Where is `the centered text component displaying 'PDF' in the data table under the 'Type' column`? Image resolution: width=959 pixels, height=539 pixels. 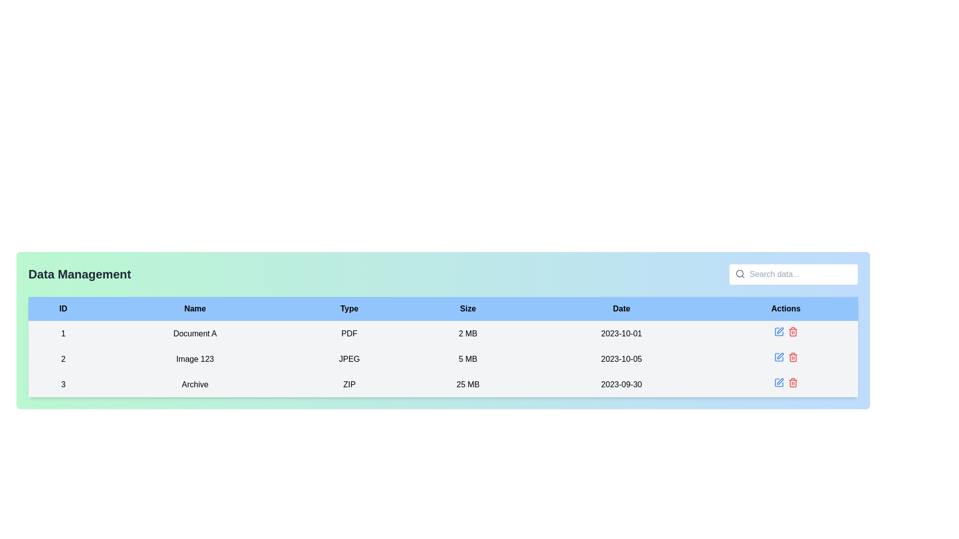 the centered text component displaying 'PDF' in the data table under the 'Type' column is located at coordinates (349, 333).